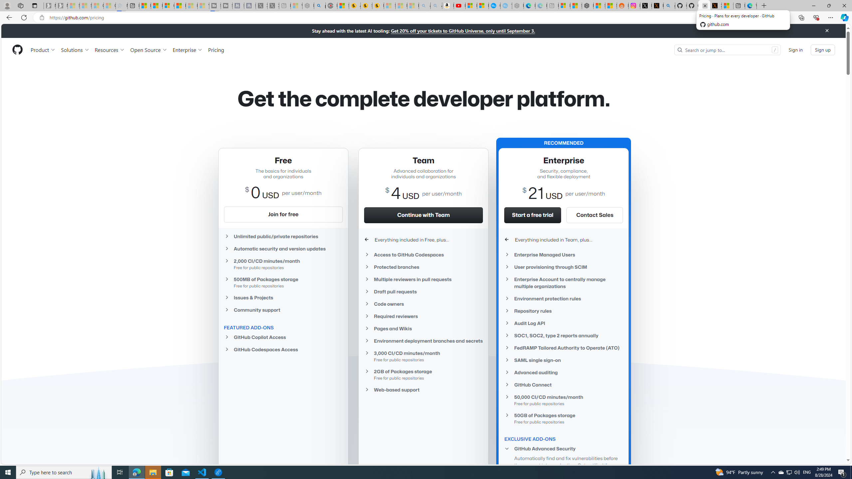  I want to click on 'Nordace - Duffels', so click(587, 5).